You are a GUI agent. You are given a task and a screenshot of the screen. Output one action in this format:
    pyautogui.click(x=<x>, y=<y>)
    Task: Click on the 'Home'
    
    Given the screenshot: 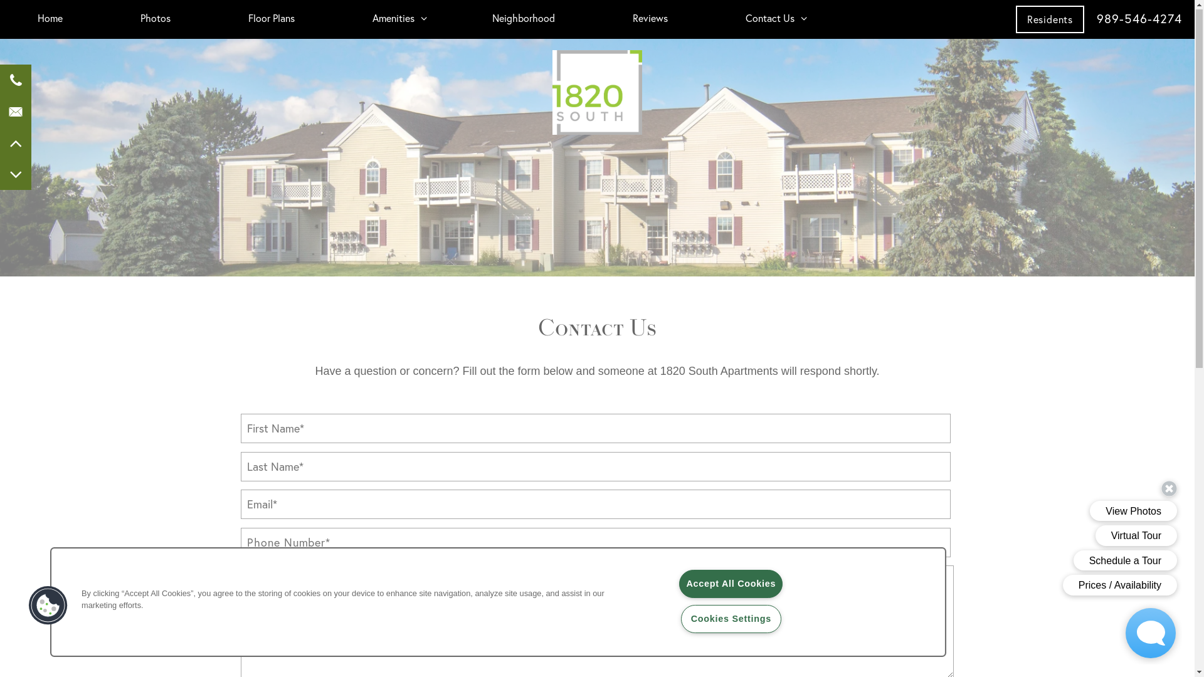 What is the action you would take?
    pyautogui.click(x=24, y=19)
    